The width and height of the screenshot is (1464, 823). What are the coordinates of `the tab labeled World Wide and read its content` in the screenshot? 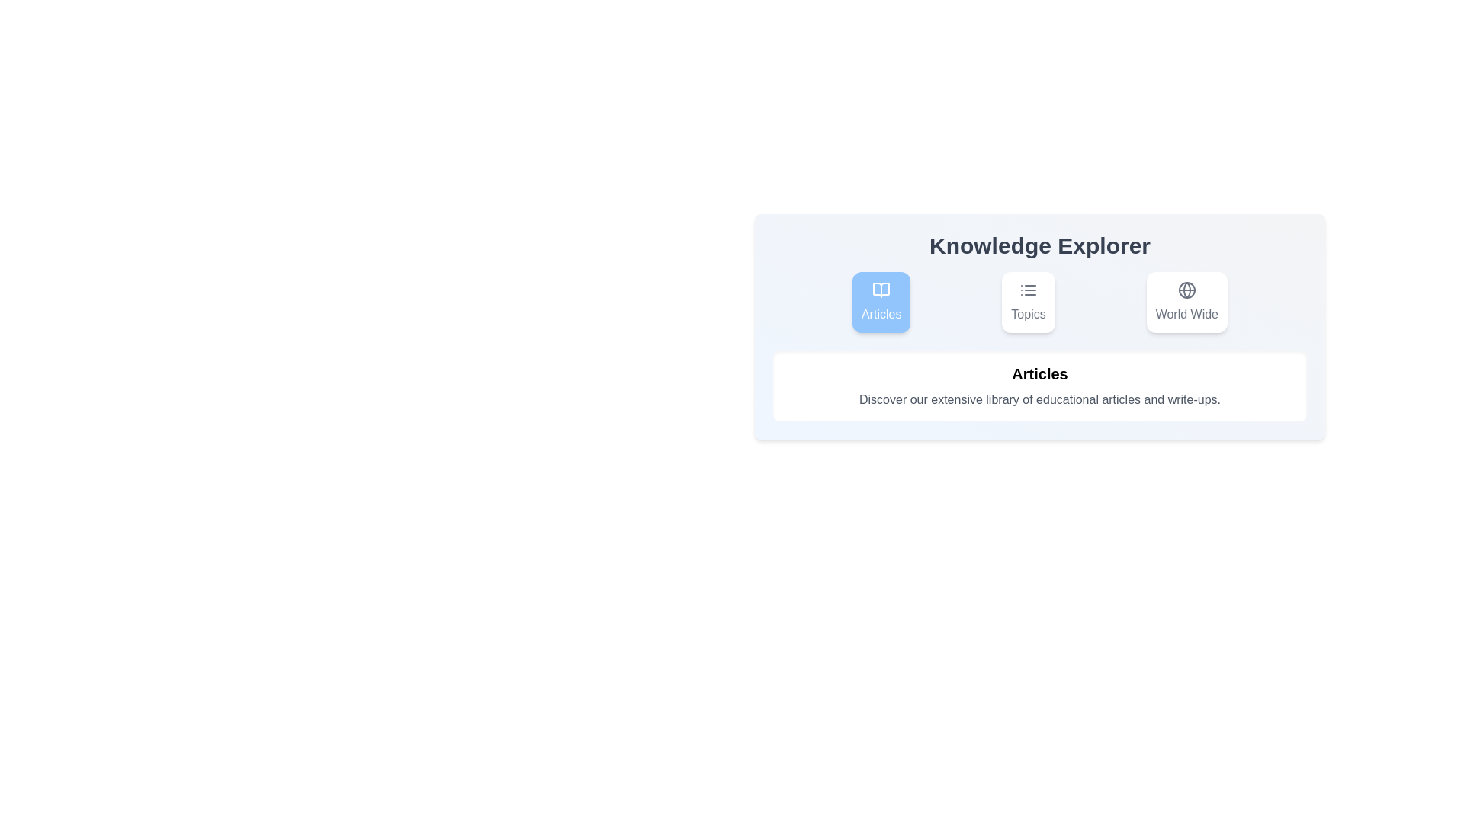 It's located at (1186, 303).